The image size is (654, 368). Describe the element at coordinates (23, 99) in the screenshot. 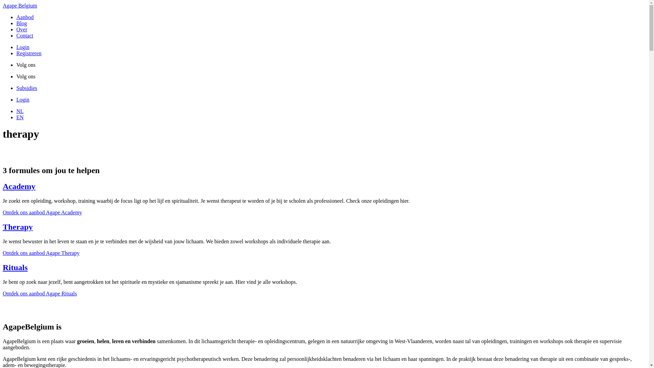

I see `'Login'` at that location.